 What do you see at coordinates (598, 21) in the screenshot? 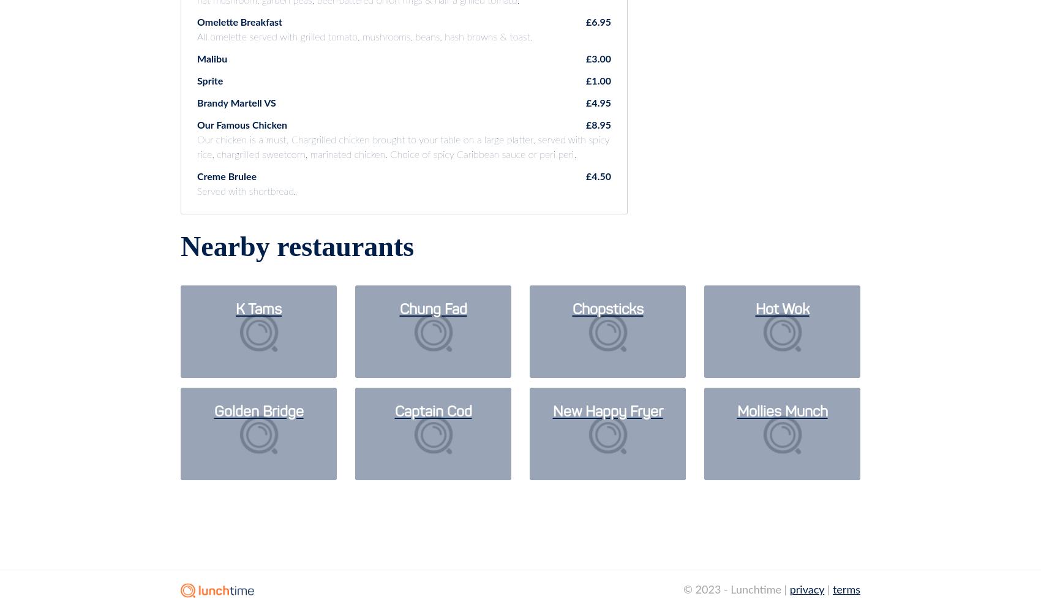
I see `'£6.95'` at bounding box center [598, 21].